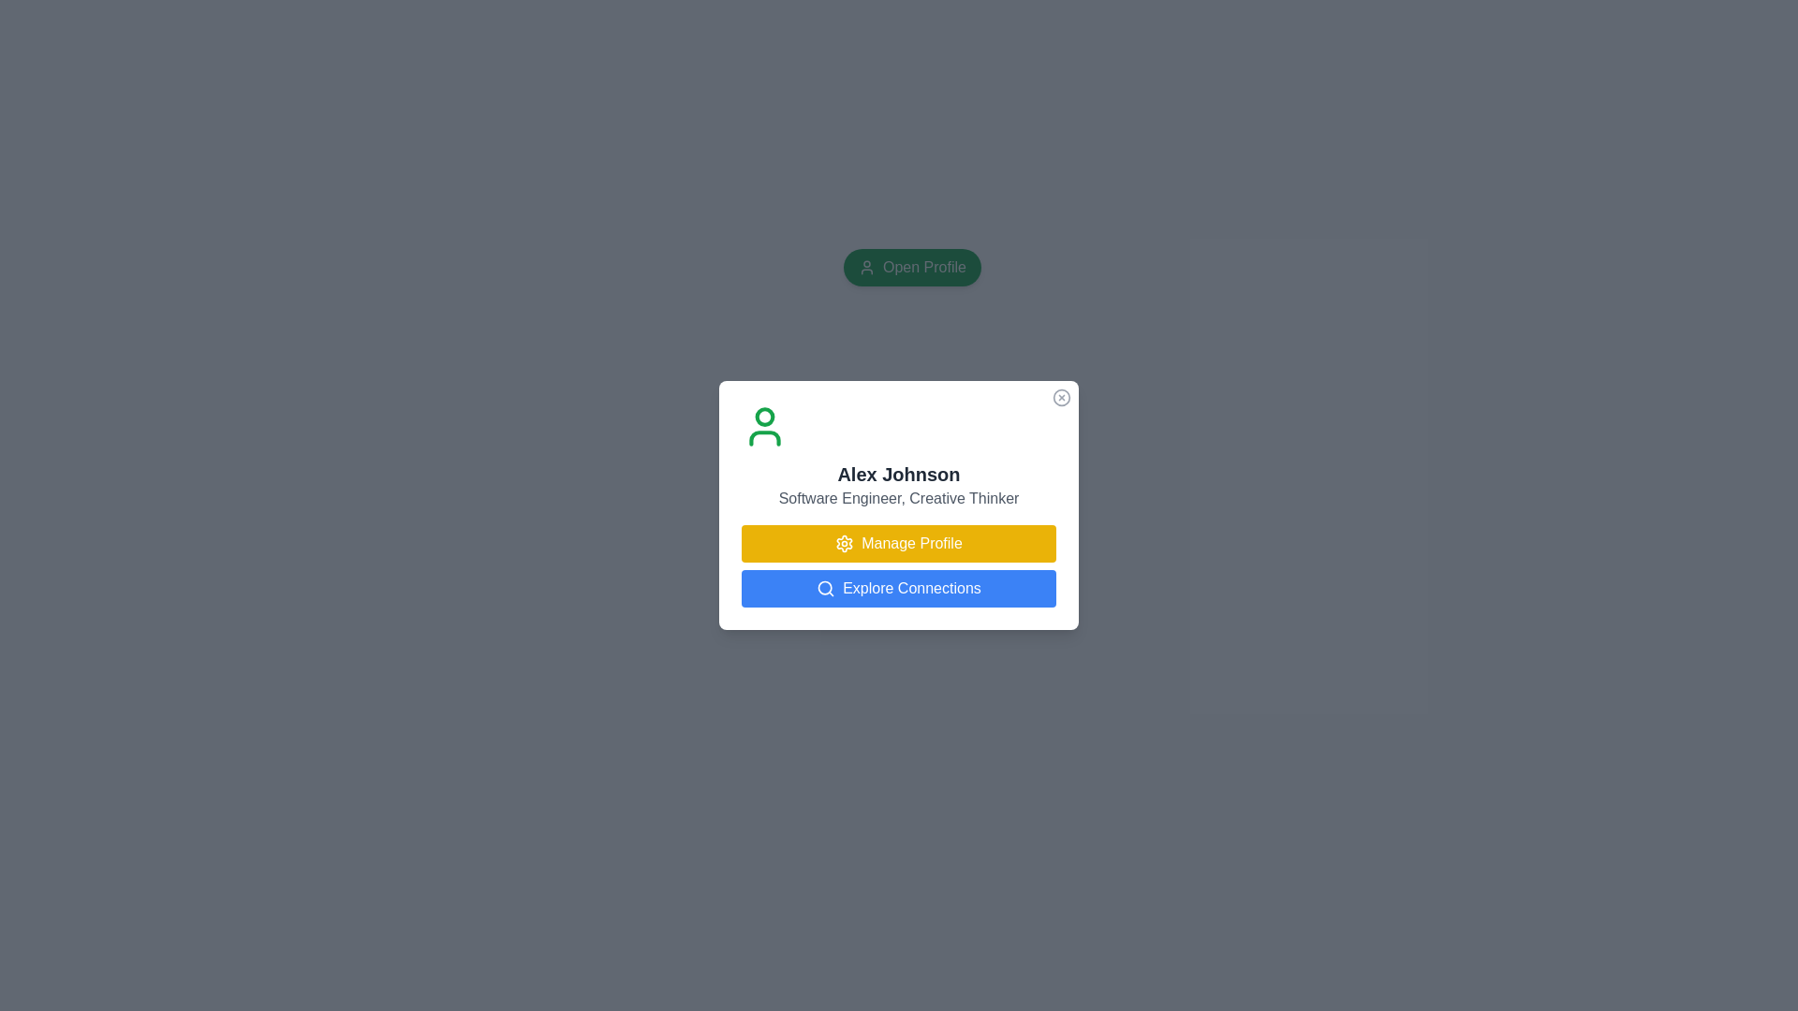  Describe the element at coordinates (764, 426) in the screenshot. I see `the green user icon located in the profile card at the top-left corner, above the name 'Alex Johnson'` at that location.